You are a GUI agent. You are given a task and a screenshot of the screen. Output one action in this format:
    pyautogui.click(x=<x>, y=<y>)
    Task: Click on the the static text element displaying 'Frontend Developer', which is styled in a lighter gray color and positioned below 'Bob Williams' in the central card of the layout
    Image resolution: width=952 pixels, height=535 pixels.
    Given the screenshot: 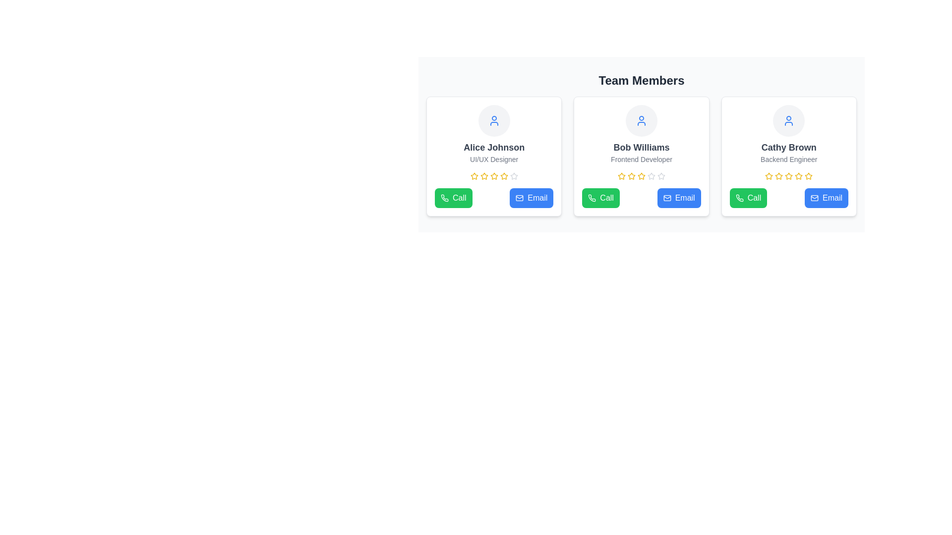 What is the action you would take?
    pyautogui.click(x=642, y=159)
    